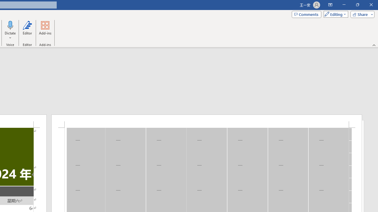  I want to click on 'Editor', so click(27, 30).